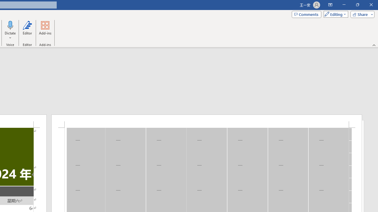  I want to click on 'Editor', so click(27, 30).